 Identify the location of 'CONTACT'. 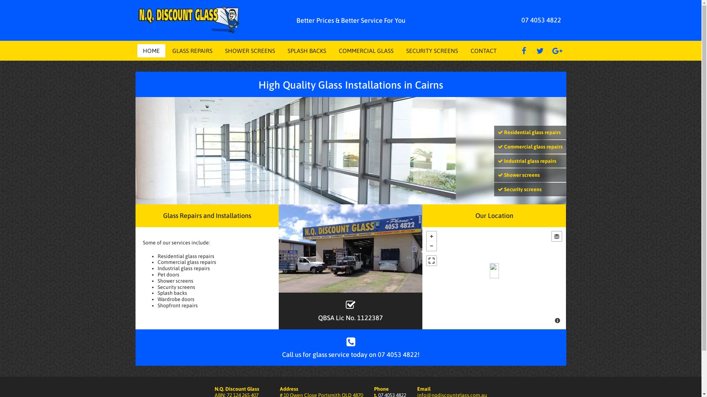
(470, 50).